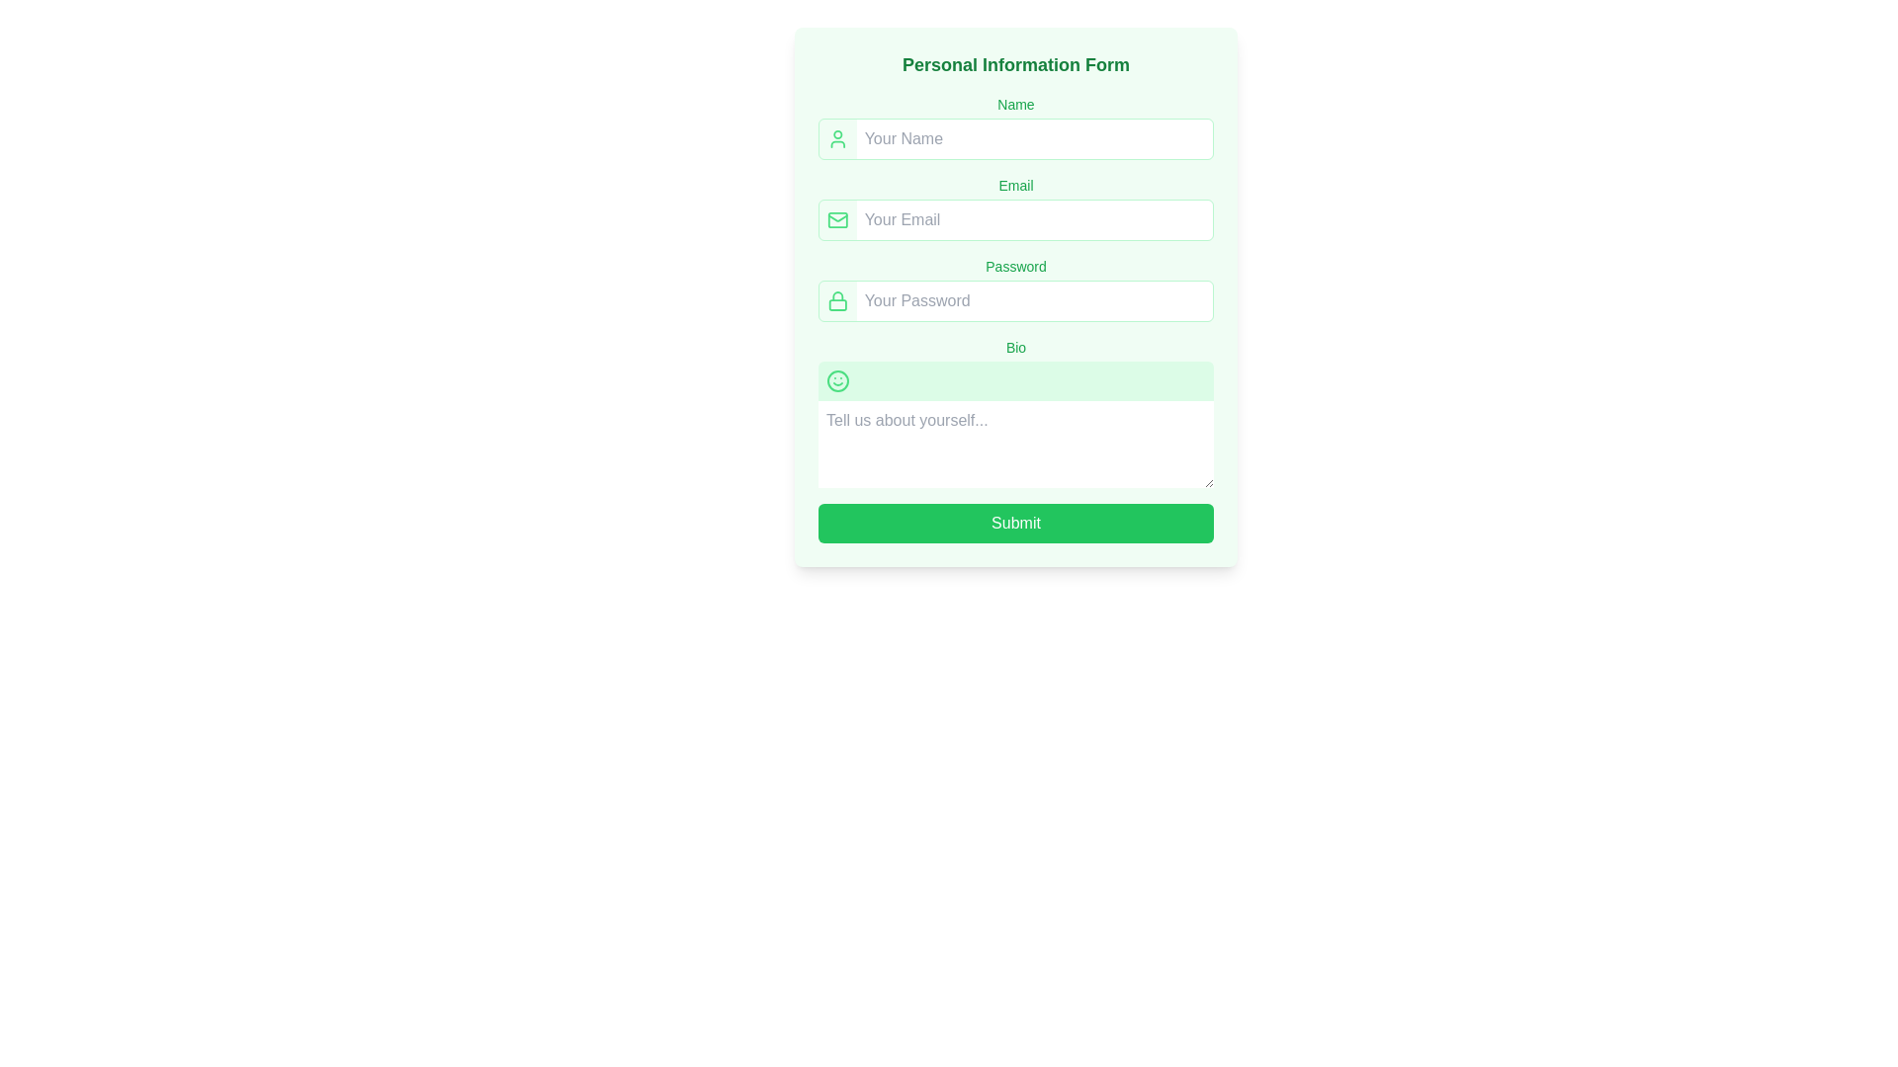 This screenshot has width=1898, height=1067. Describe the element at coordinates (837, 220) in the screenshot. I see `the email envelope icon within the email input field to enhance contextual understanding of the input field's purpose` at that location.